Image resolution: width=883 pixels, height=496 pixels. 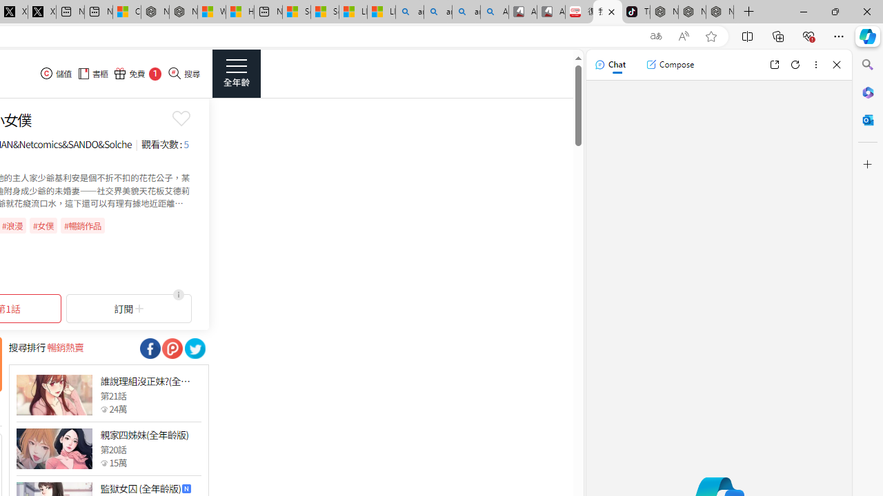 What do you see at coordinates (194, 348) in the screenshot?
I see `'Class: socialShare'` at bounding box center [194, 348].